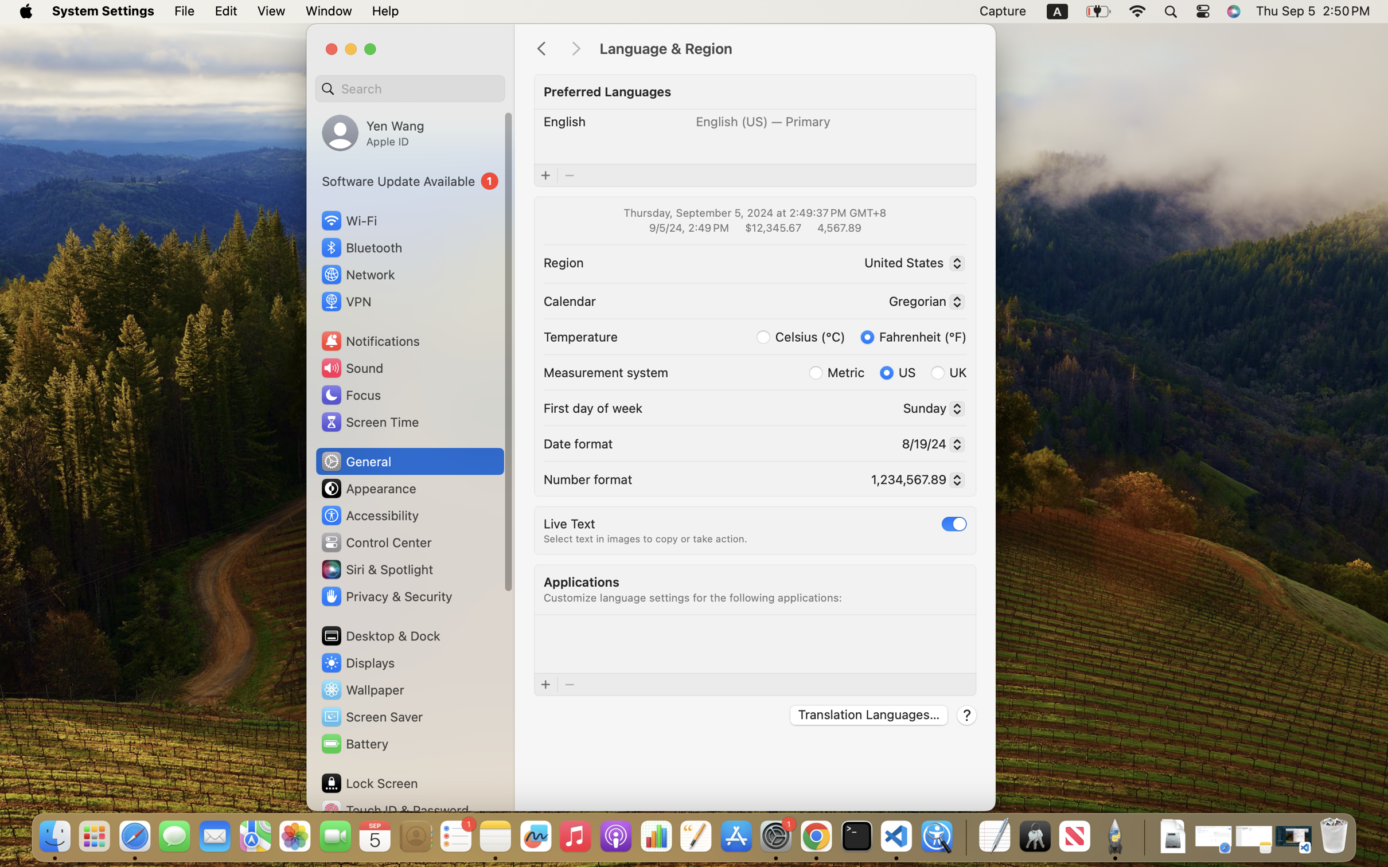 This screenshot has width=1388, height=867. What do you see at coordinates (394, 810) in the screenshot?
I see `'Touch ID & Password'` at bounding box center [394, 810].